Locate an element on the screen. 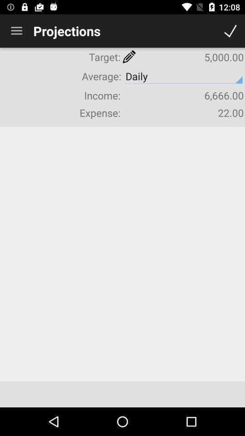 The height and width of the screenshot is (436, 245). done is located at coordinates (230, 31).